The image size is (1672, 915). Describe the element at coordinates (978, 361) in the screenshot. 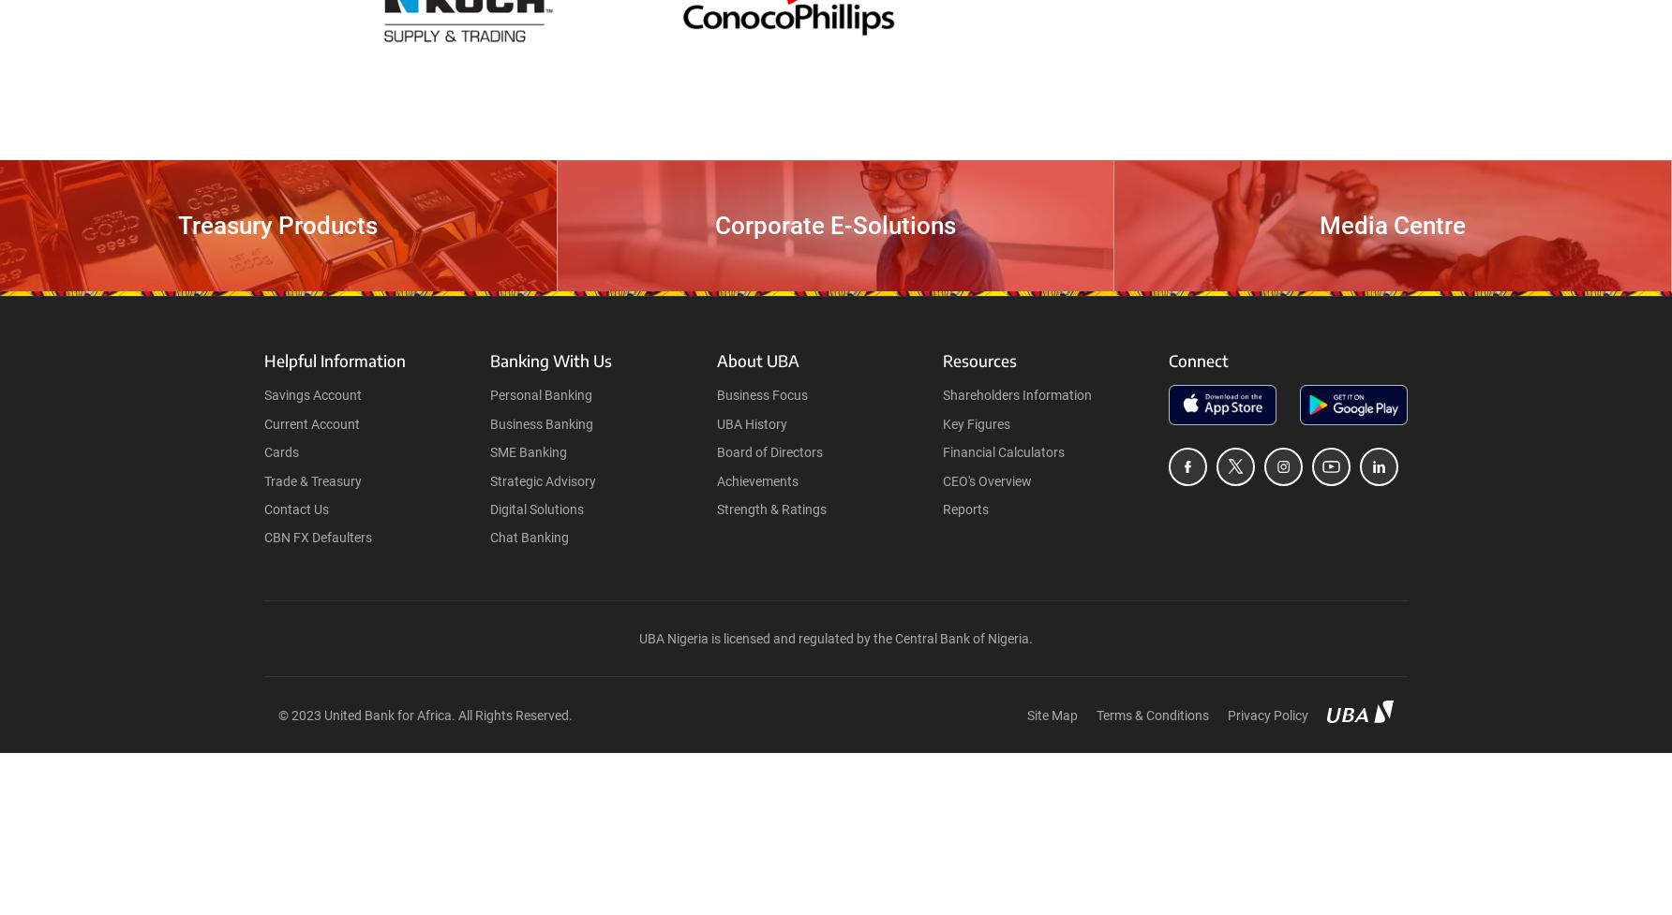

I see `'Resources'` at that location.